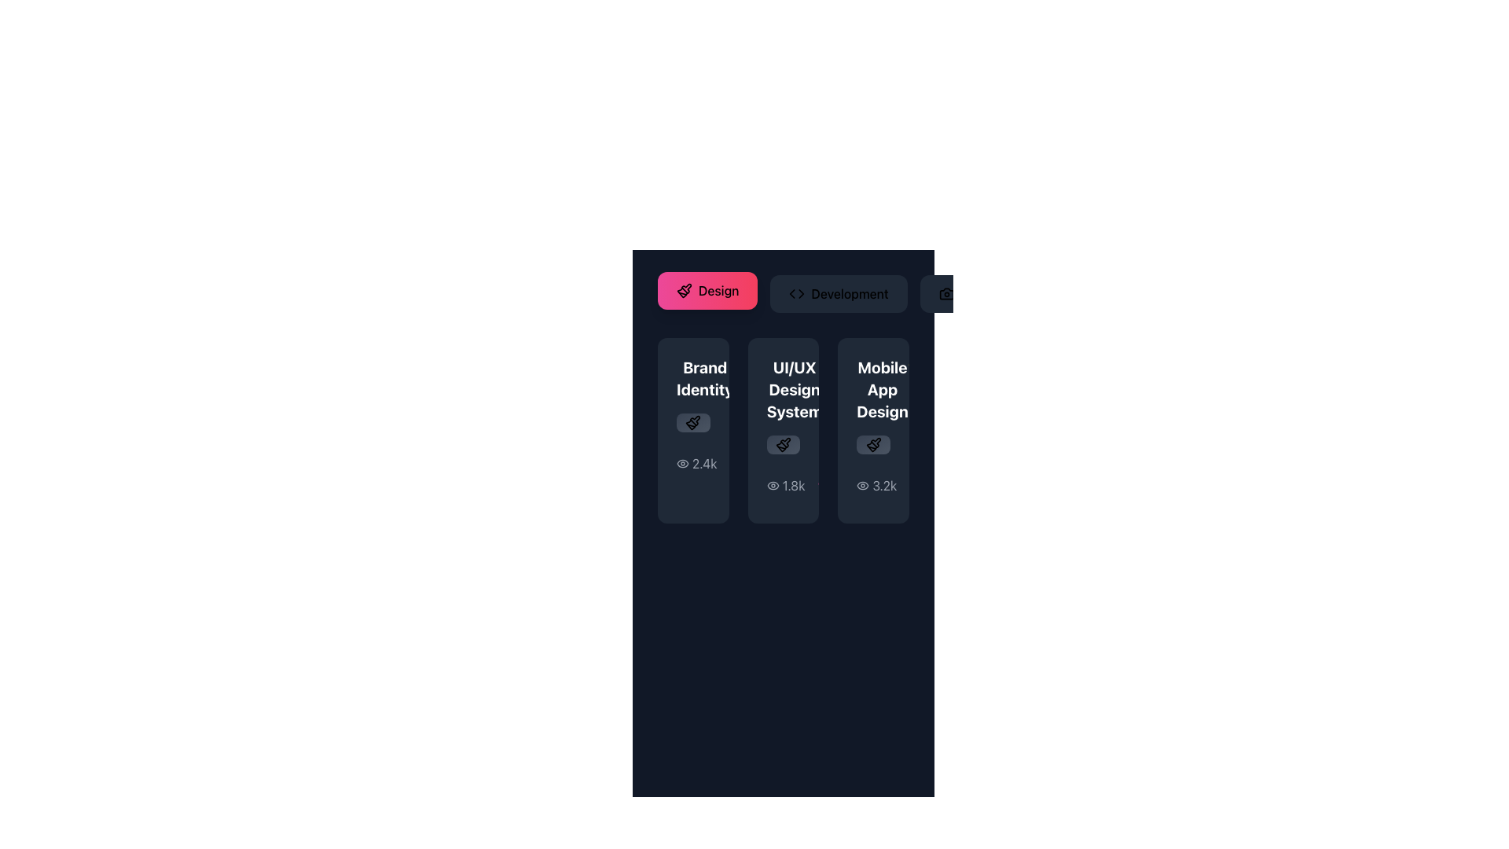  What do you see at coordinates (707, 291) in the screenshot?
I see `the 'Design' button with a pink to rose gradient and a paintbrush icon on the far left of the navigation bar` at bounding box center [707, 291].